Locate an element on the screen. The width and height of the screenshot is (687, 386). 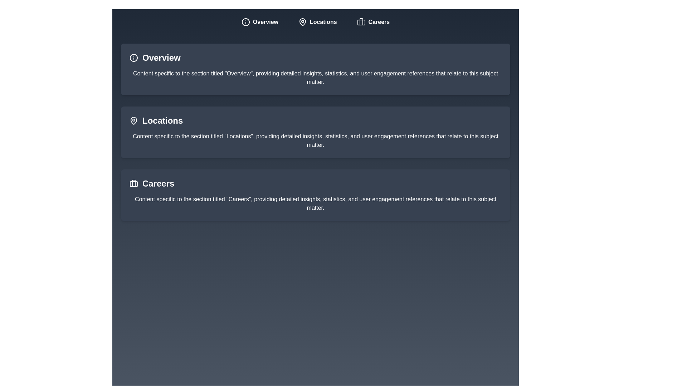
the 'Careers' text label, which is the third item in the top navigation bar, located immediately to the right of the 'Locations' option is located at coordinates (379, 21).